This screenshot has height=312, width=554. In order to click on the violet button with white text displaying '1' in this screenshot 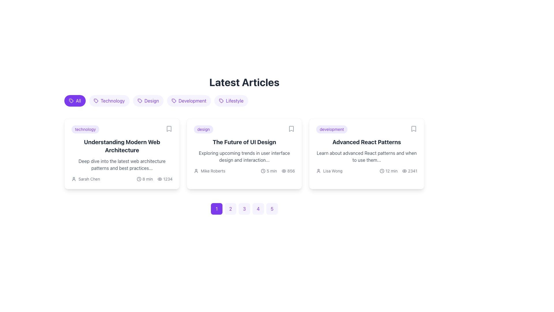, I will do `click(216, 209)`.